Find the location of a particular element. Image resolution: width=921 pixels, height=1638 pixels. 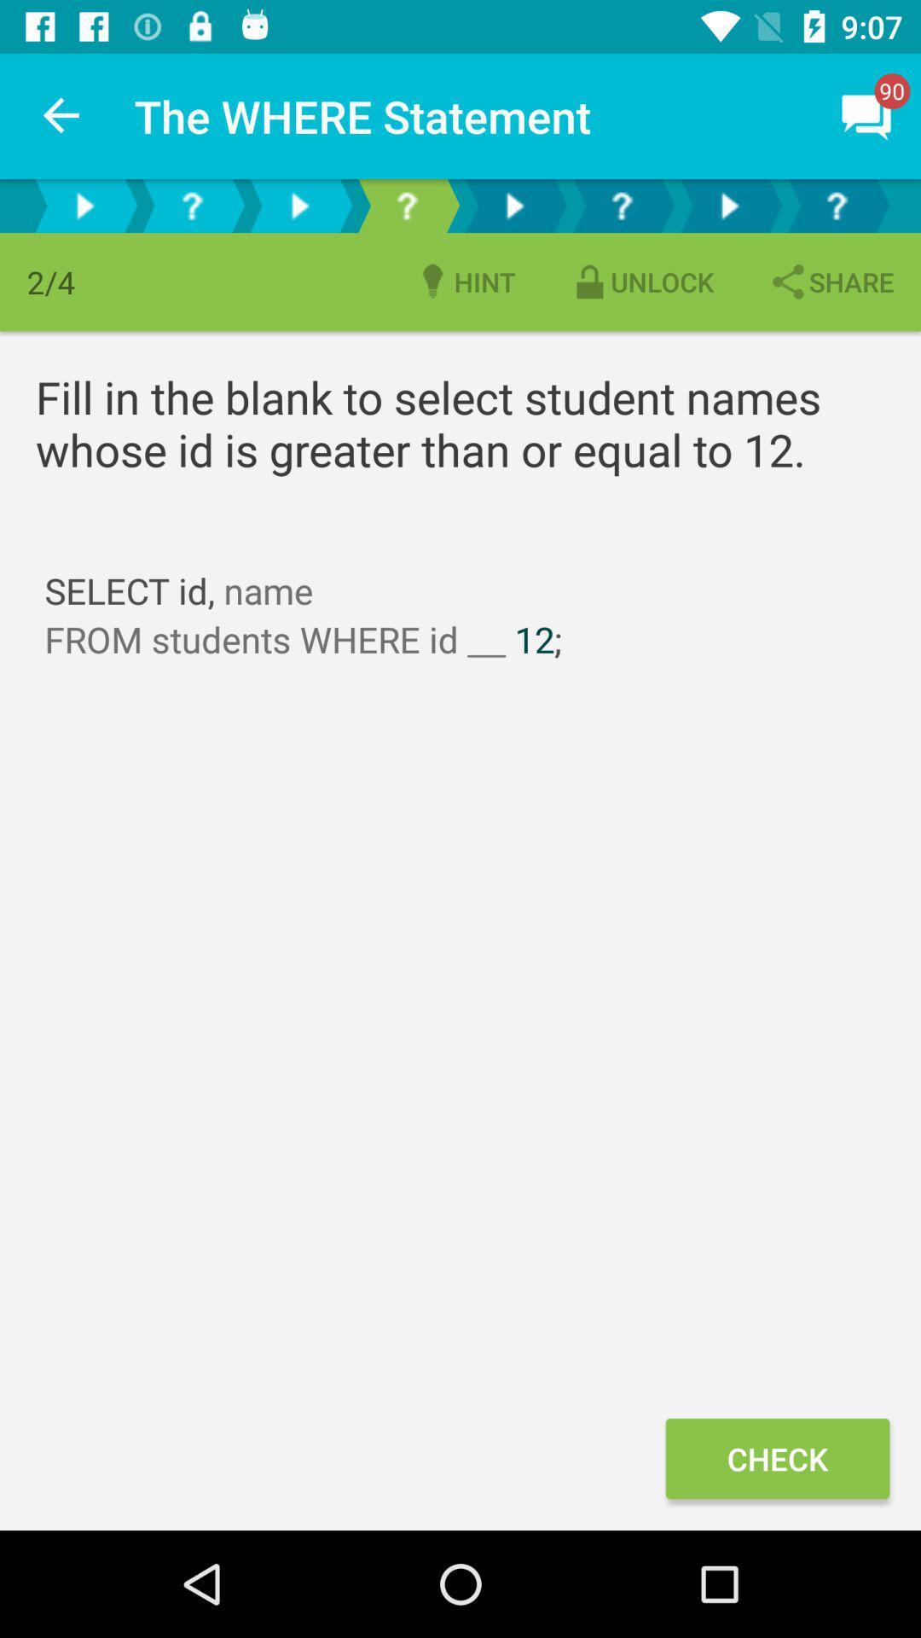

last question is located at coordinates (835, 205).